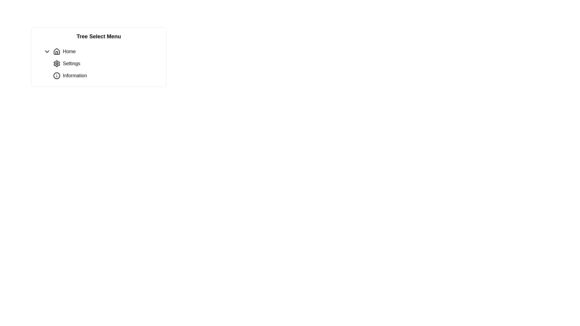 The width and height of the screenshot is (580, 326). I want to click on the gear icon located next to the 'Settings' text in the 'Tree Select Menu', so click(56, 64).